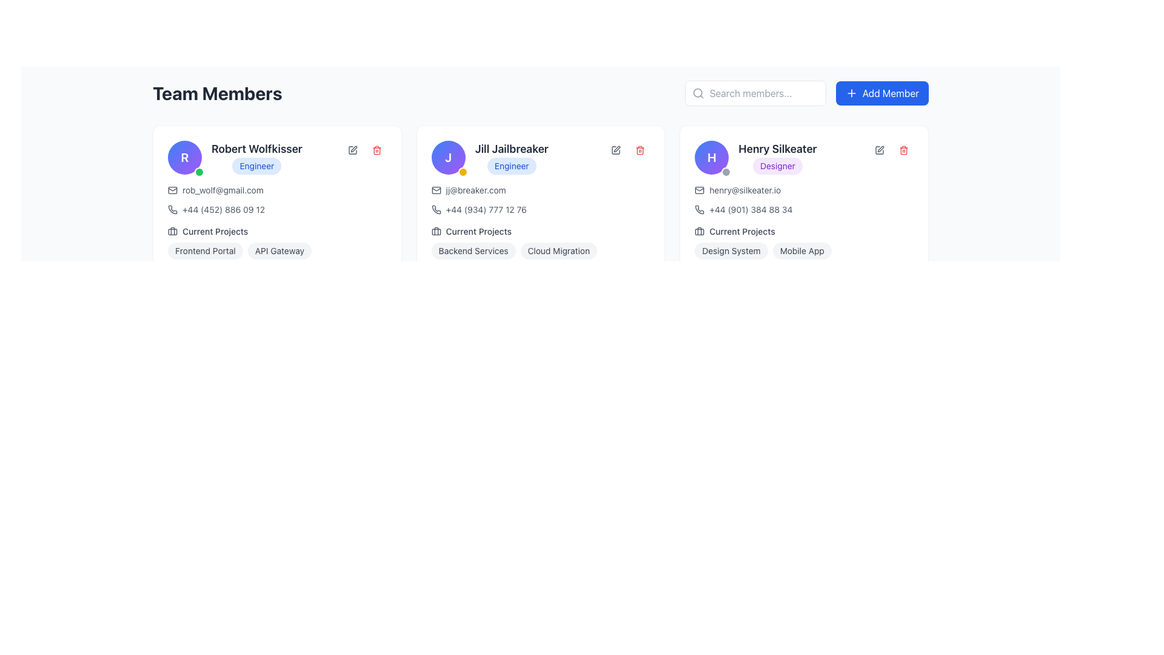 Image resolution: width=1164 pixels, height=655 pixels. Describe the element at coordinates (215, 231) in the screenshot. I see `the 'Current Projects' text label styled in gray font, which is located within a team member's card layout, positioned below their contact information and a briefcase icon` at that location.